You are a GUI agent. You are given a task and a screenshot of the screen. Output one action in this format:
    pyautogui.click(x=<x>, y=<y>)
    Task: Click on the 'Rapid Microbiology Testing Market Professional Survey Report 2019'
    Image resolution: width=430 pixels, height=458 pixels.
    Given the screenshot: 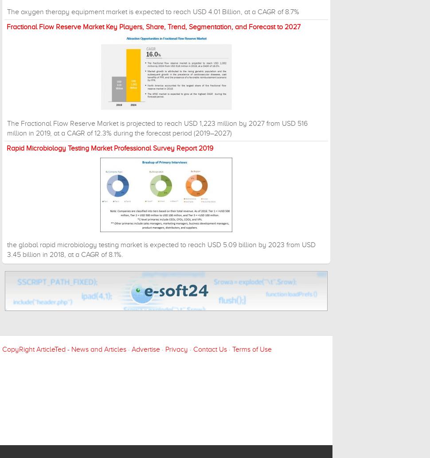 What is the action you would take?
    pyautogui.click(x=109, y=147)
    